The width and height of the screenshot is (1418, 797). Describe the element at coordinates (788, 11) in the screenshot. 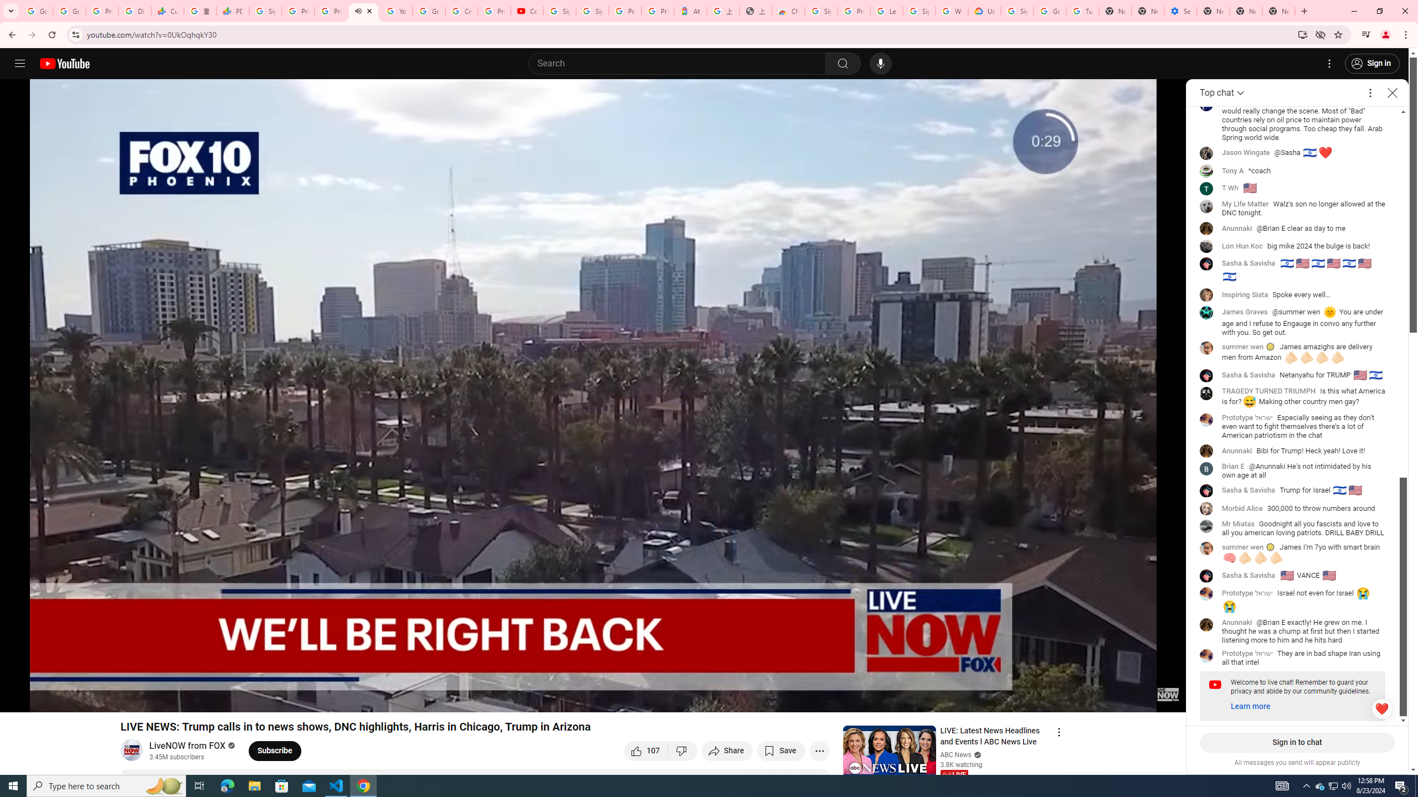

I see `'Chrome Web Store'` at that location.